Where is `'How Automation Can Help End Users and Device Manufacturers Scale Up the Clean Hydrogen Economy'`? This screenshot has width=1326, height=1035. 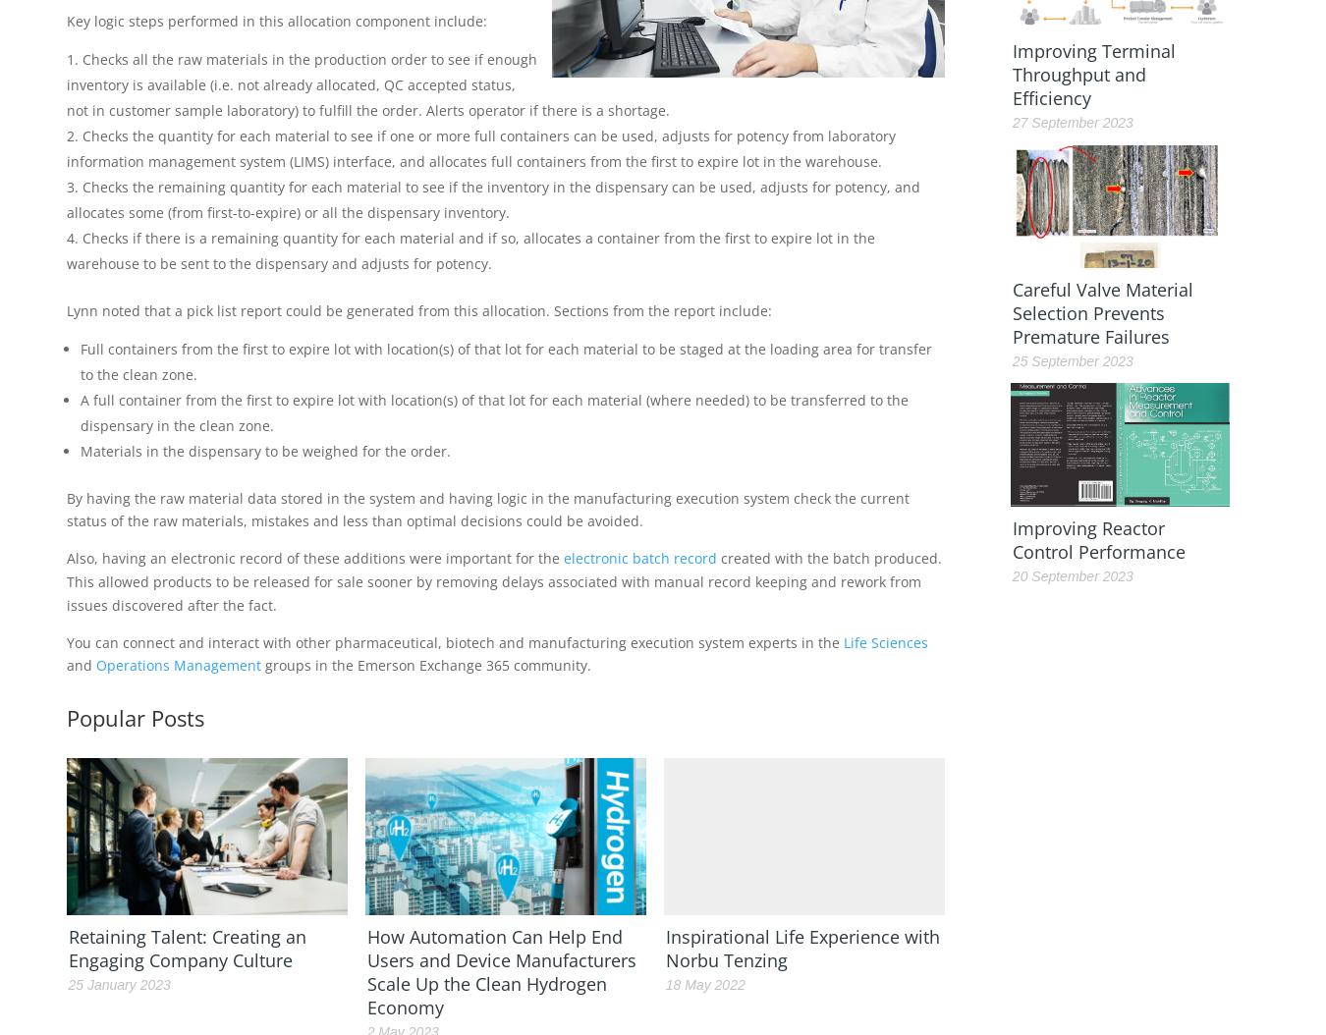
'How Automation Can Help End Users and Device Manufacturers Scale Up the Clean Hydrogen Economy' is located at coordinates (500, 972).